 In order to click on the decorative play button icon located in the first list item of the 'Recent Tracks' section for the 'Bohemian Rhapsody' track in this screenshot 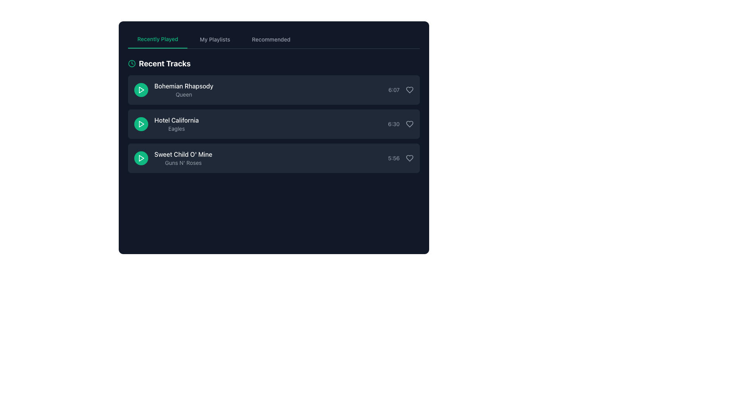, I will do `click(141, 89)`.